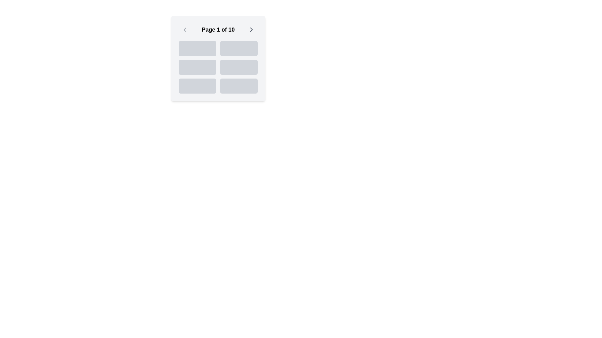 The width and height of the screenshot is (602, 338). I want to click on the chevron arrow icon in the upper-right corner of the interface, so click(251, 30).